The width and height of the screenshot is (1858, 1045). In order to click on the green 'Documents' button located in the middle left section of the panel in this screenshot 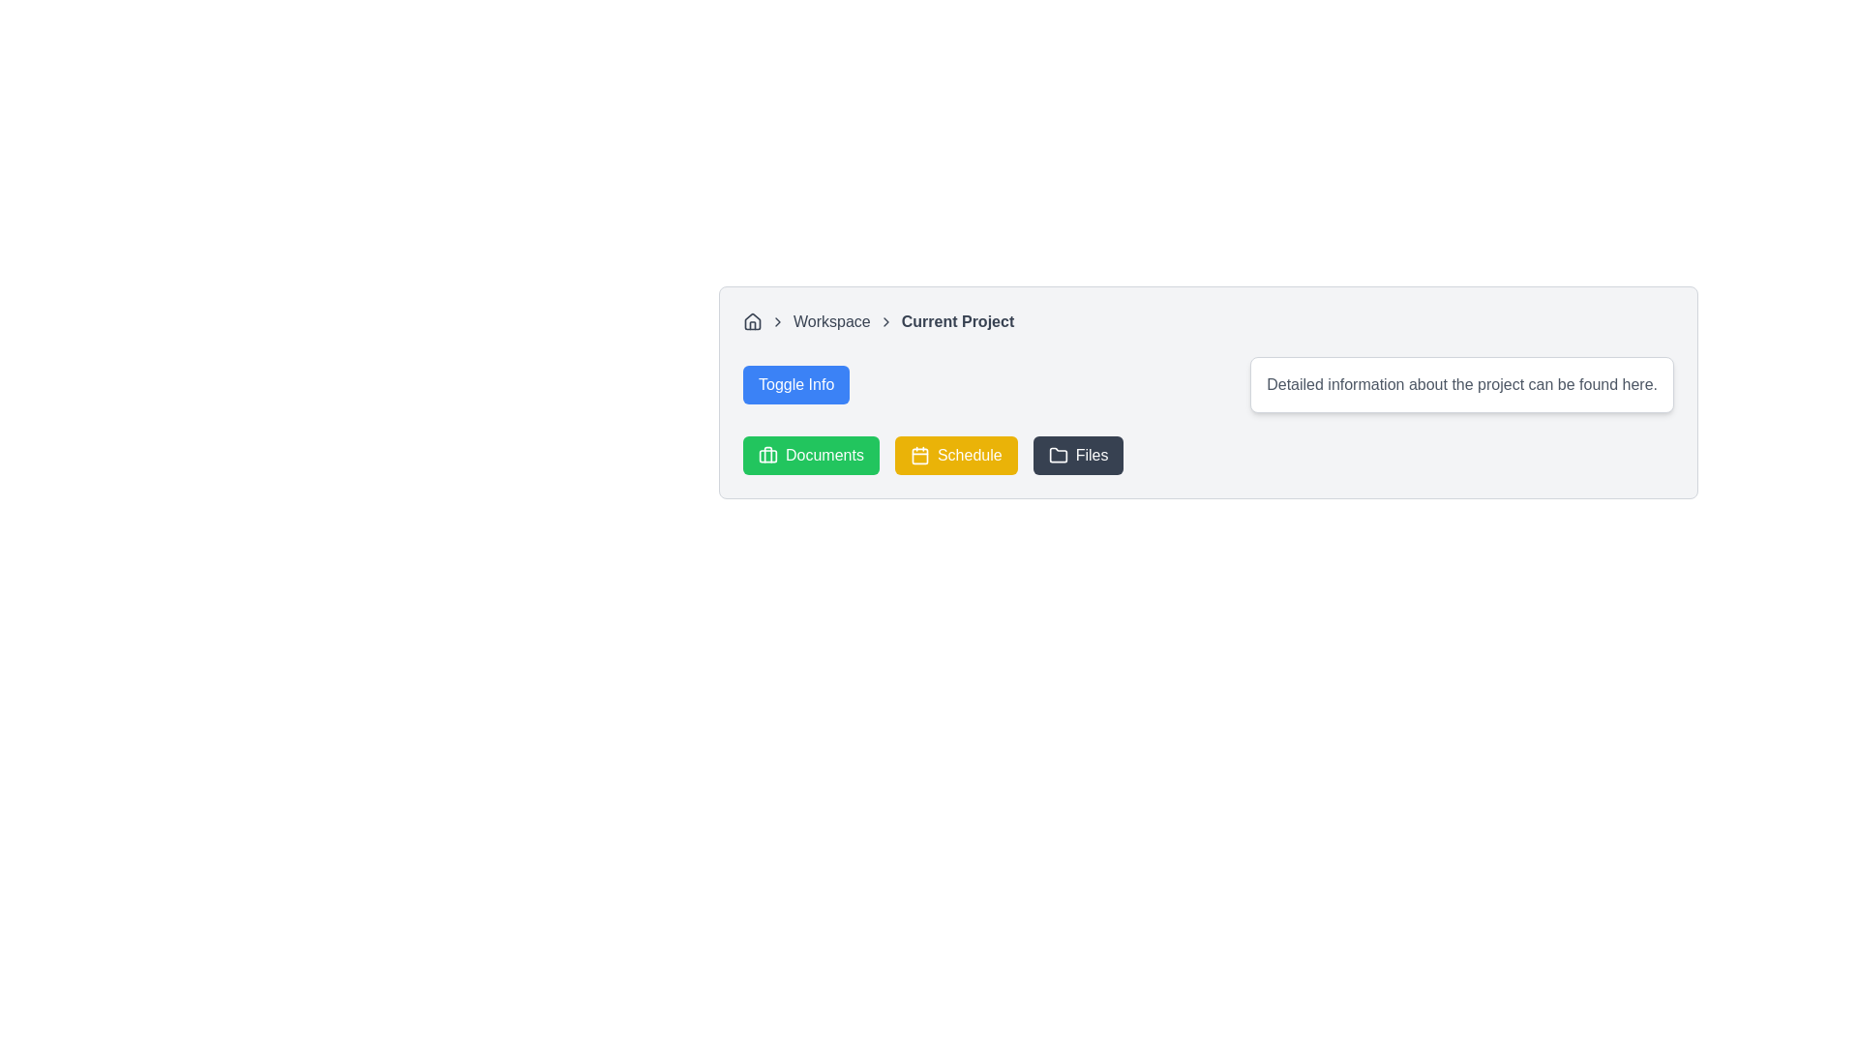, I will do `click(766, 455)`.